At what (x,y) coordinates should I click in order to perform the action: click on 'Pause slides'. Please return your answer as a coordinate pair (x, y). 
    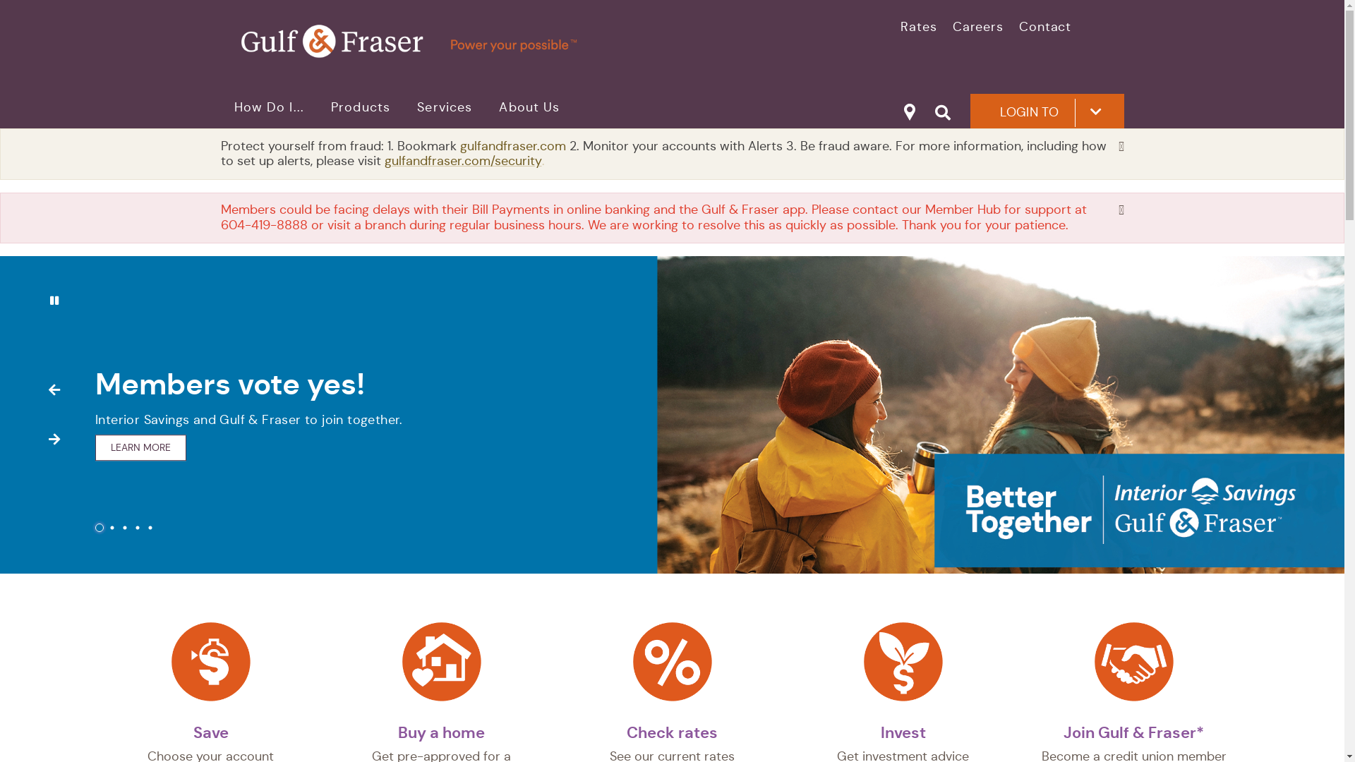
    Looking at the image, I should click on (54, 299).